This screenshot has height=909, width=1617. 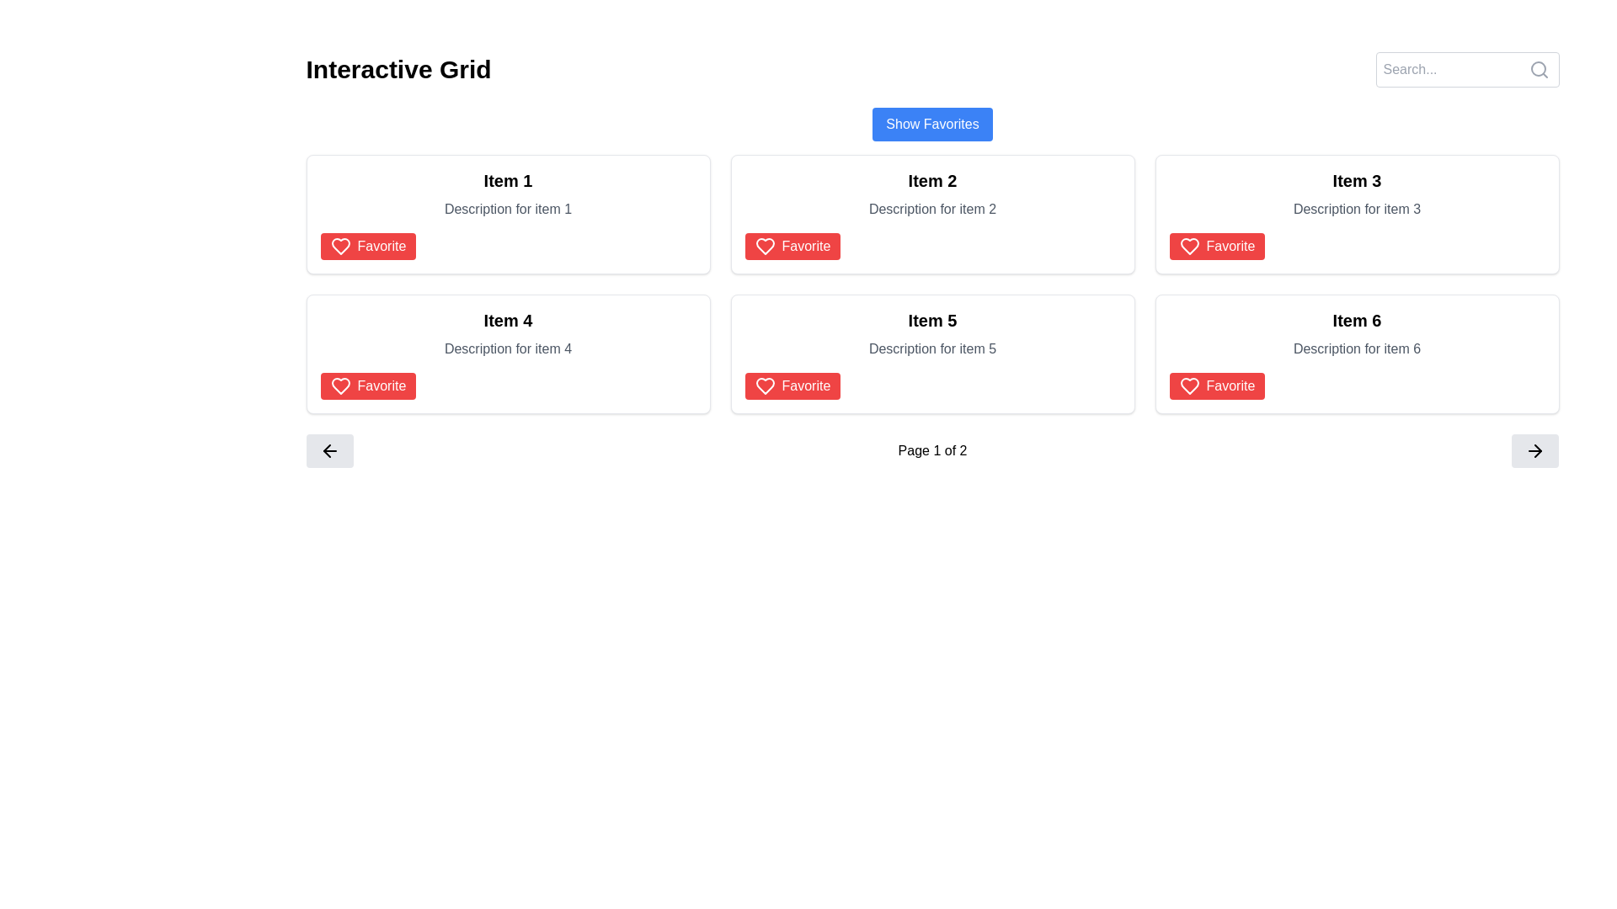 I want to click on the text label styled in gray containing 'Description for item 2', which is located under the heading 'Item 2' in the second card of a 3x2 grid layout, so click(x=931, y=209).